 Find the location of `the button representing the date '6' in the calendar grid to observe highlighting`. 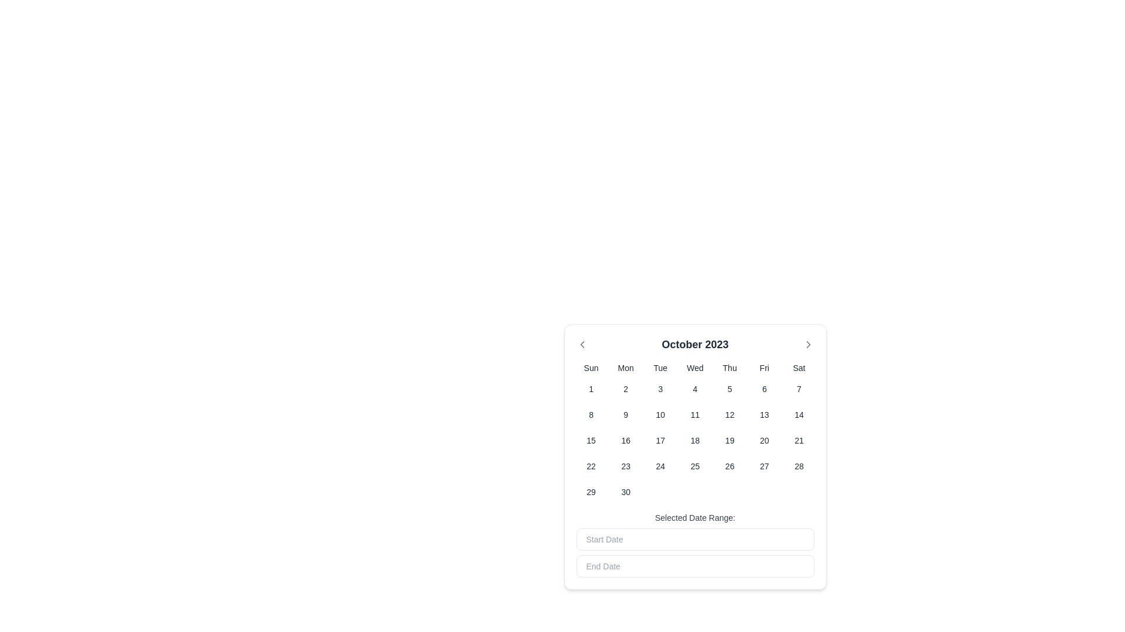

the button representing the date '6' in the calendar grid to observe highlighting is located at coordinates (764, 389).